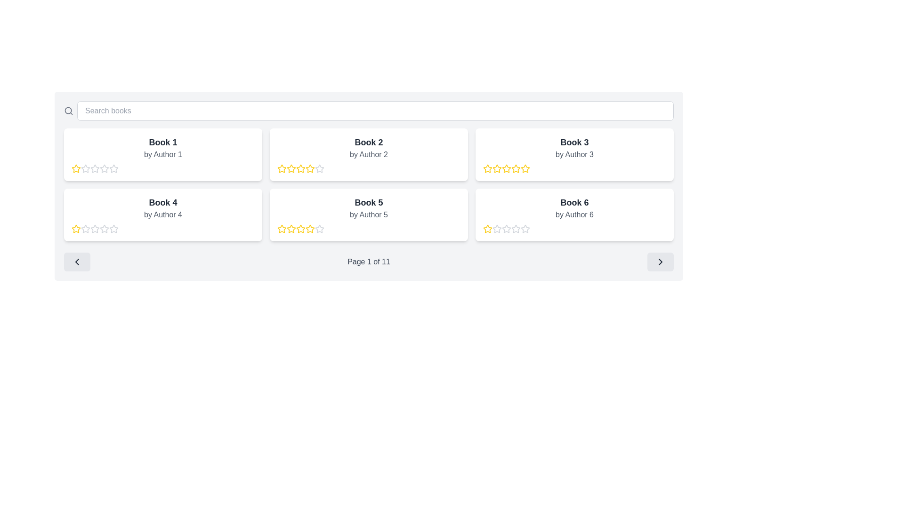  Describe the element at coordinates (497, 168) in the screenshot. I see `the second rating star under 'Book 3 by Author 3'` at that location.